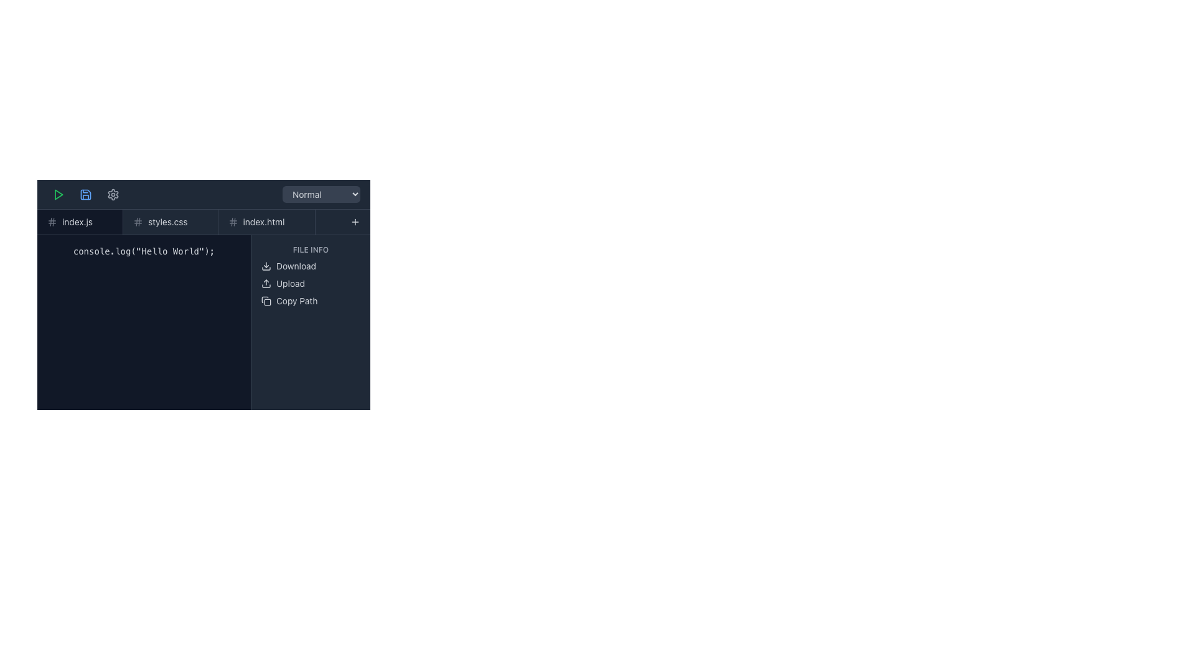 The image size is (1195, 672). Describe the element at coordinates (58, 194) in the screenshot. I see `the play button icon located in the top-left corner of the interface` at that location.